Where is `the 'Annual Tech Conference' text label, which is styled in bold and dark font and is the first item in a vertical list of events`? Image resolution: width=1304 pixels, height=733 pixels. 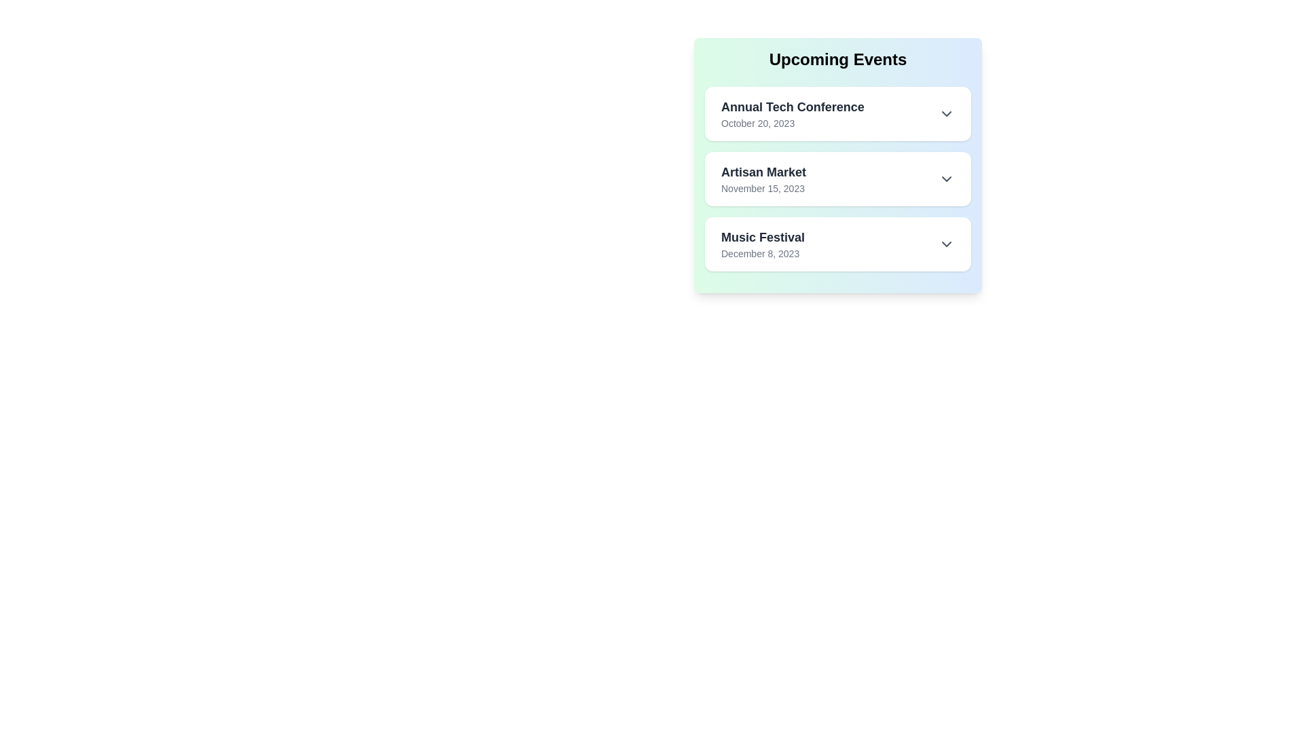 the 'Annual Tech Conference' text label, which is styled in bold and dark font and is the first item in a vertical list of events is located at coordinates (793, 107).